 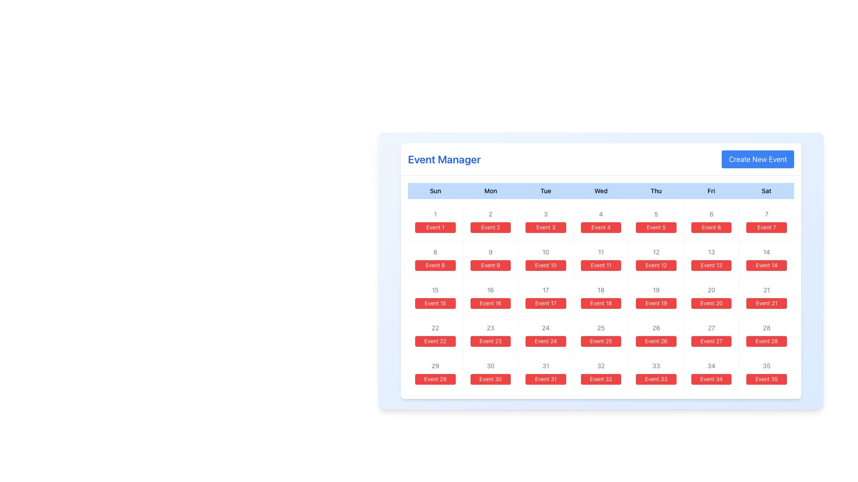 What do you see at coordinates (766, 259) in the screenshot?
I see `the event indicator for 'Event 14' located in the second row, last column under the 'Sat' (Saturday) column heading` at bounding box center [766, 259].